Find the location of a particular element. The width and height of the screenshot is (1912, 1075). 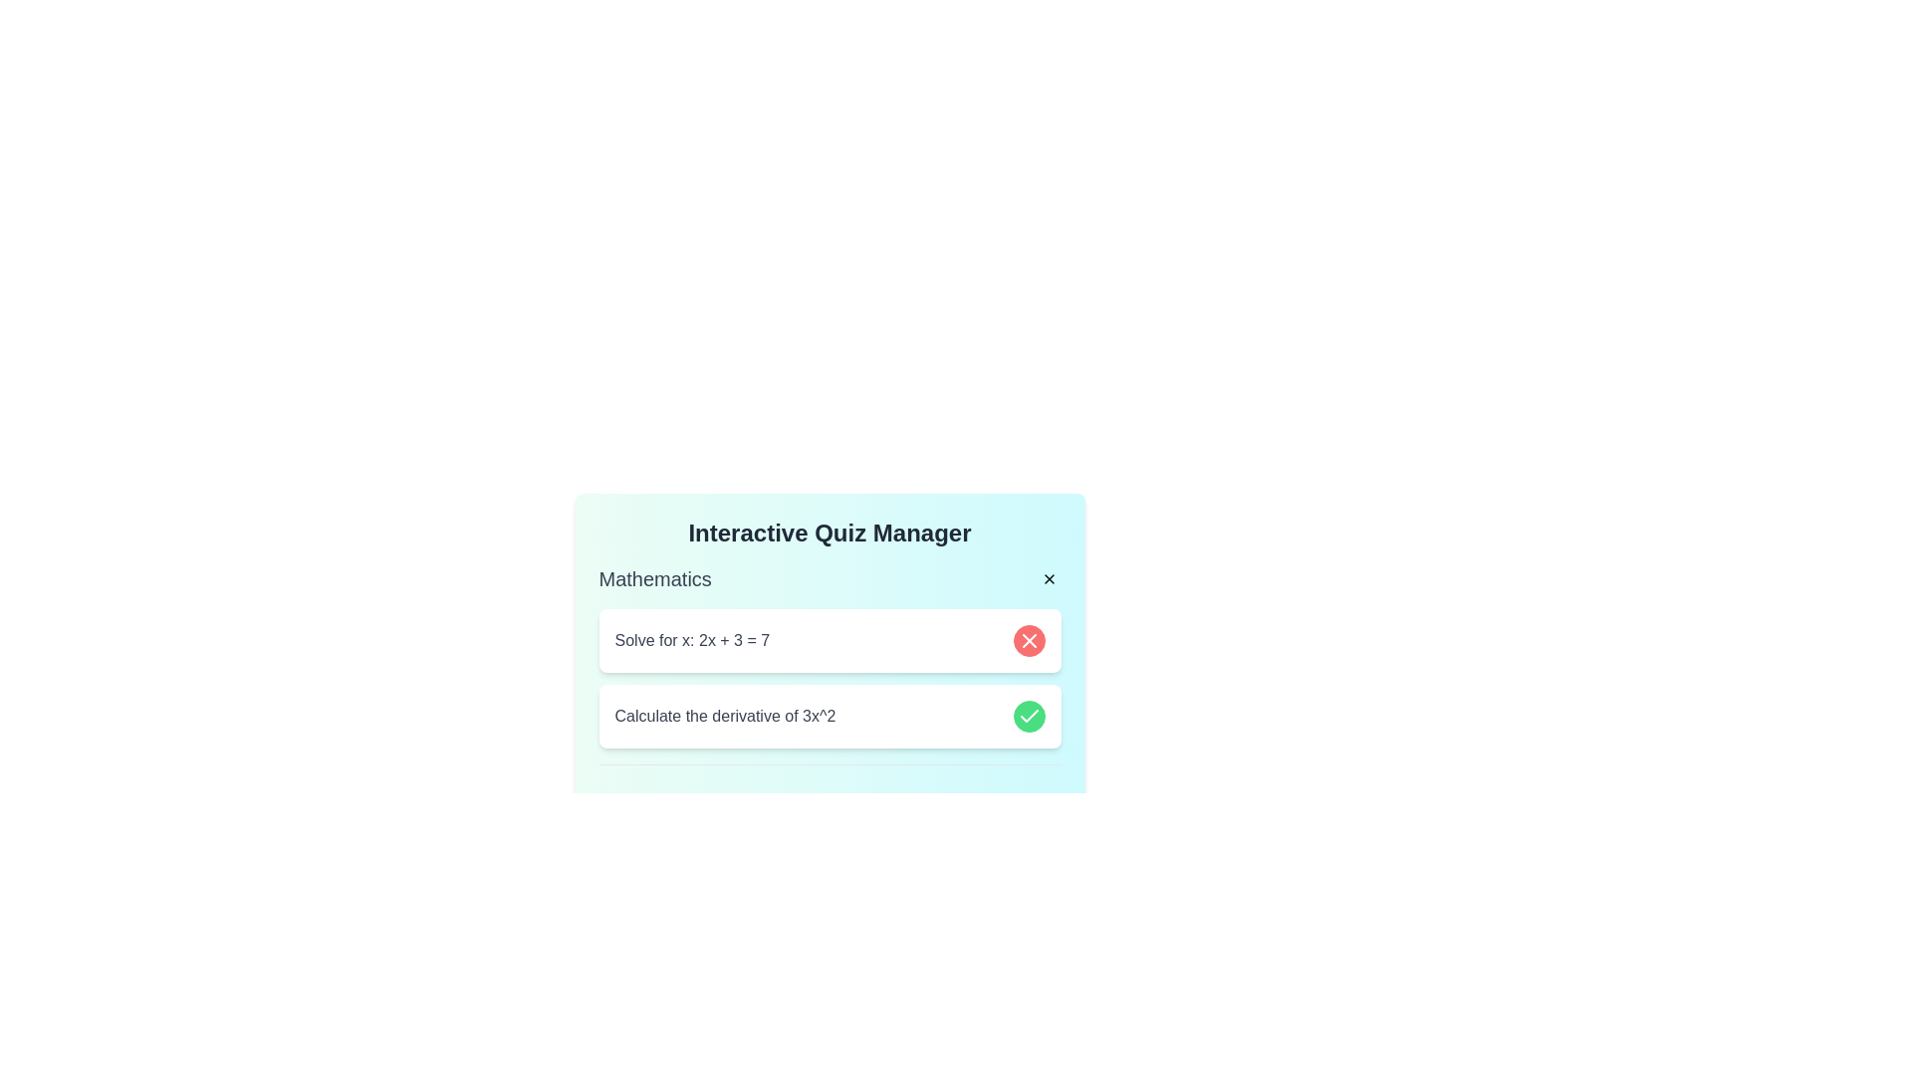

the confirmation button with a check icon located to the far right of the panel titled 'Calculate the derivative of 3x^2' to confirm the status is located at coordinates (1029, 717).